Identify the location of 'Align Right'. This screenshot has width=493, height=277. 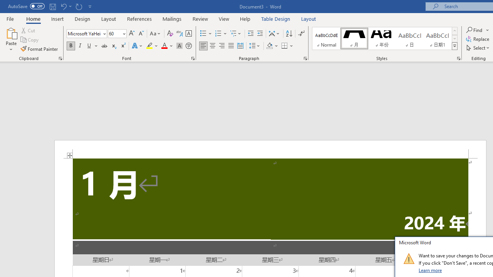
(221, 46).